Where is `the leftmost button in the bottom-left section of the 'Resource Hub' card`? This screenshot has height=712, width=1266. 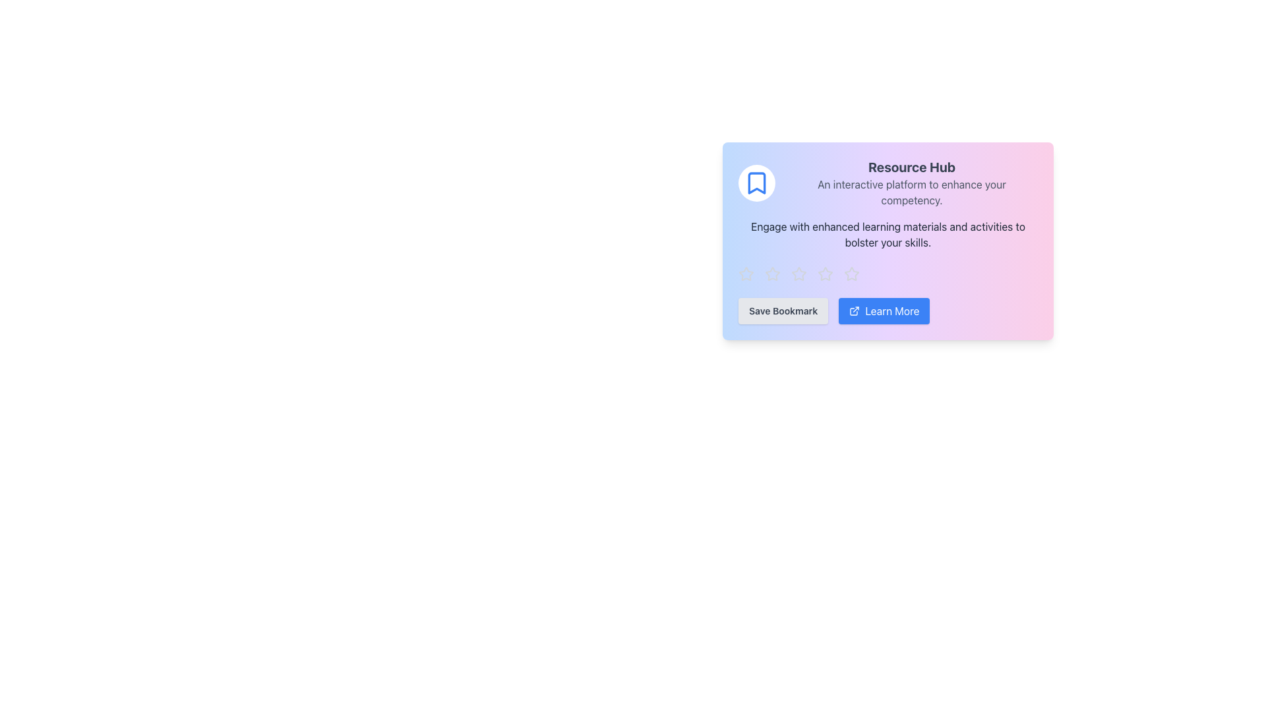
the leftmost button in the bottom-left section of the 'Resource Hub' card is located at coordinates (783, 311).